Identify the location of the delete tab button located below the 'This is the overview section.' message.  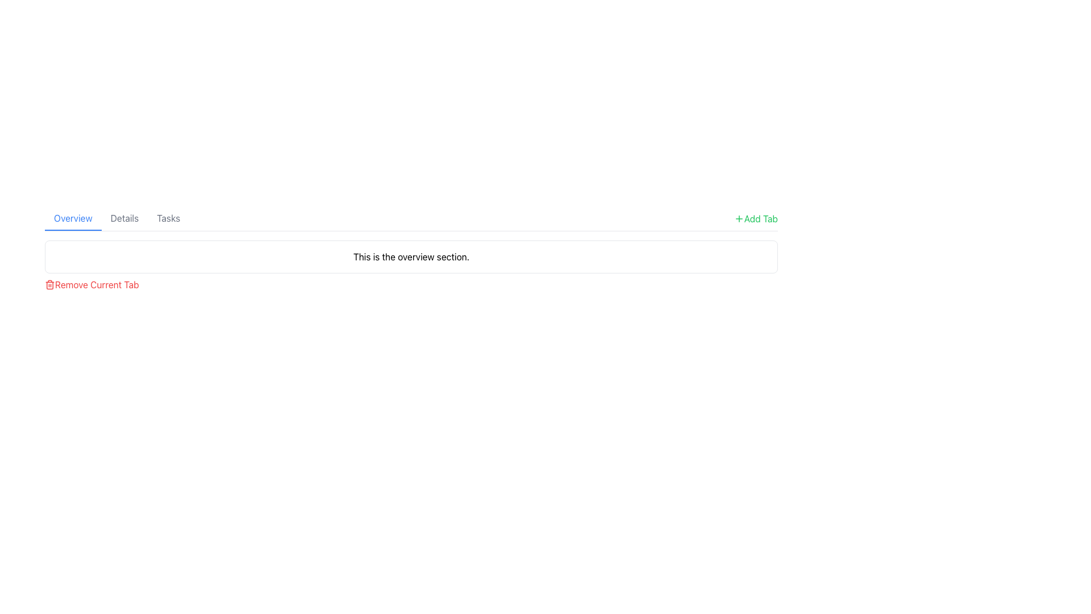
(91, 284).